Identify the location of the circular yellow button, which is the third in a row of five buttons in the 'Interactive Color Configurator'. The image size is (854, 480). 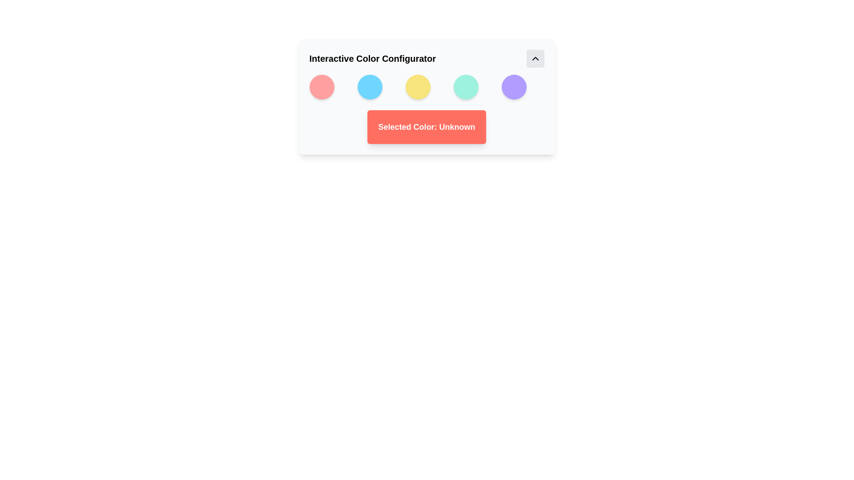
(417, 87).